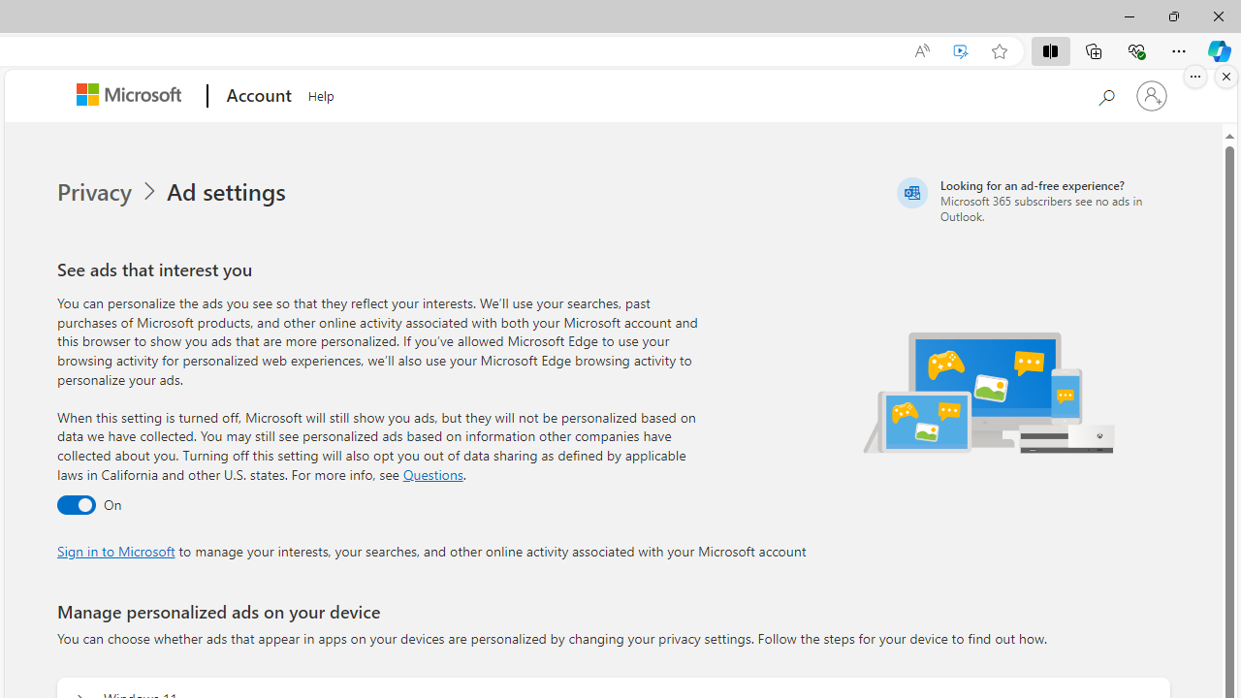 The width and height of the screenshot is (1241, 698). I want to click on 'Privacy', so click(95, 192).